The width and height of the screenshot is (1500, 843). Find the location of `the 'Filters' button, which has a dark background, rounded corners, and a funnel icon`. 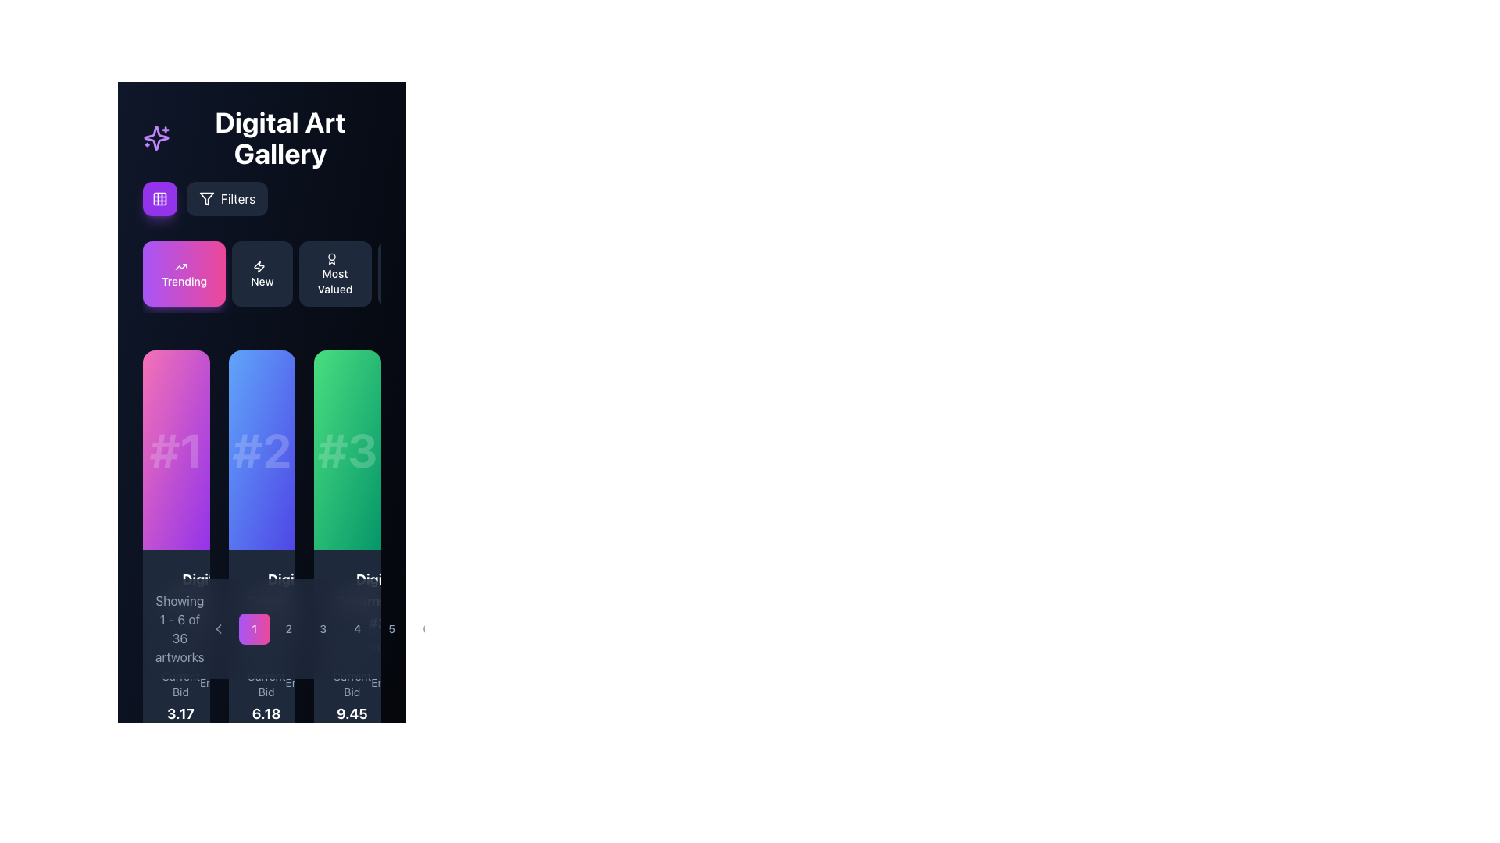

the 'Filters' button, which has a dark background, rounded corners, and a funnel icon is located at coordinates (227, 197).